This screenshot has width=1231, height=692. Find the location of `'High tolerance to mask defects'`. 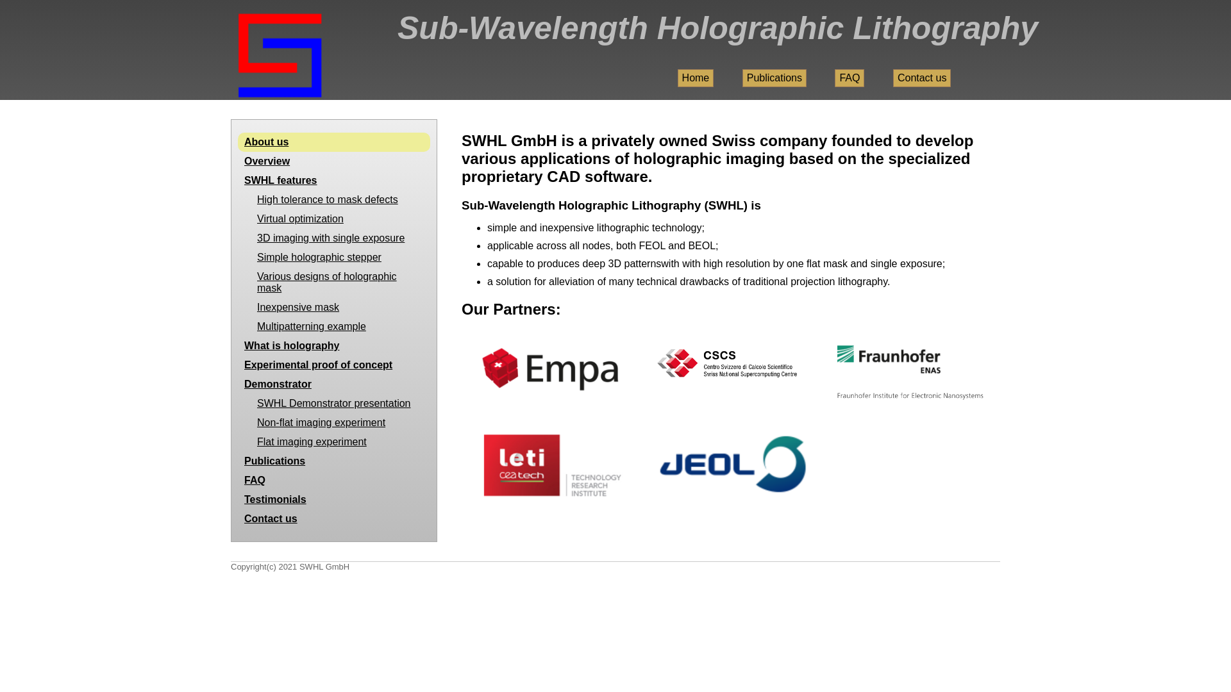

'High tolerance to mask defects' is located at coordinates (334, 200).